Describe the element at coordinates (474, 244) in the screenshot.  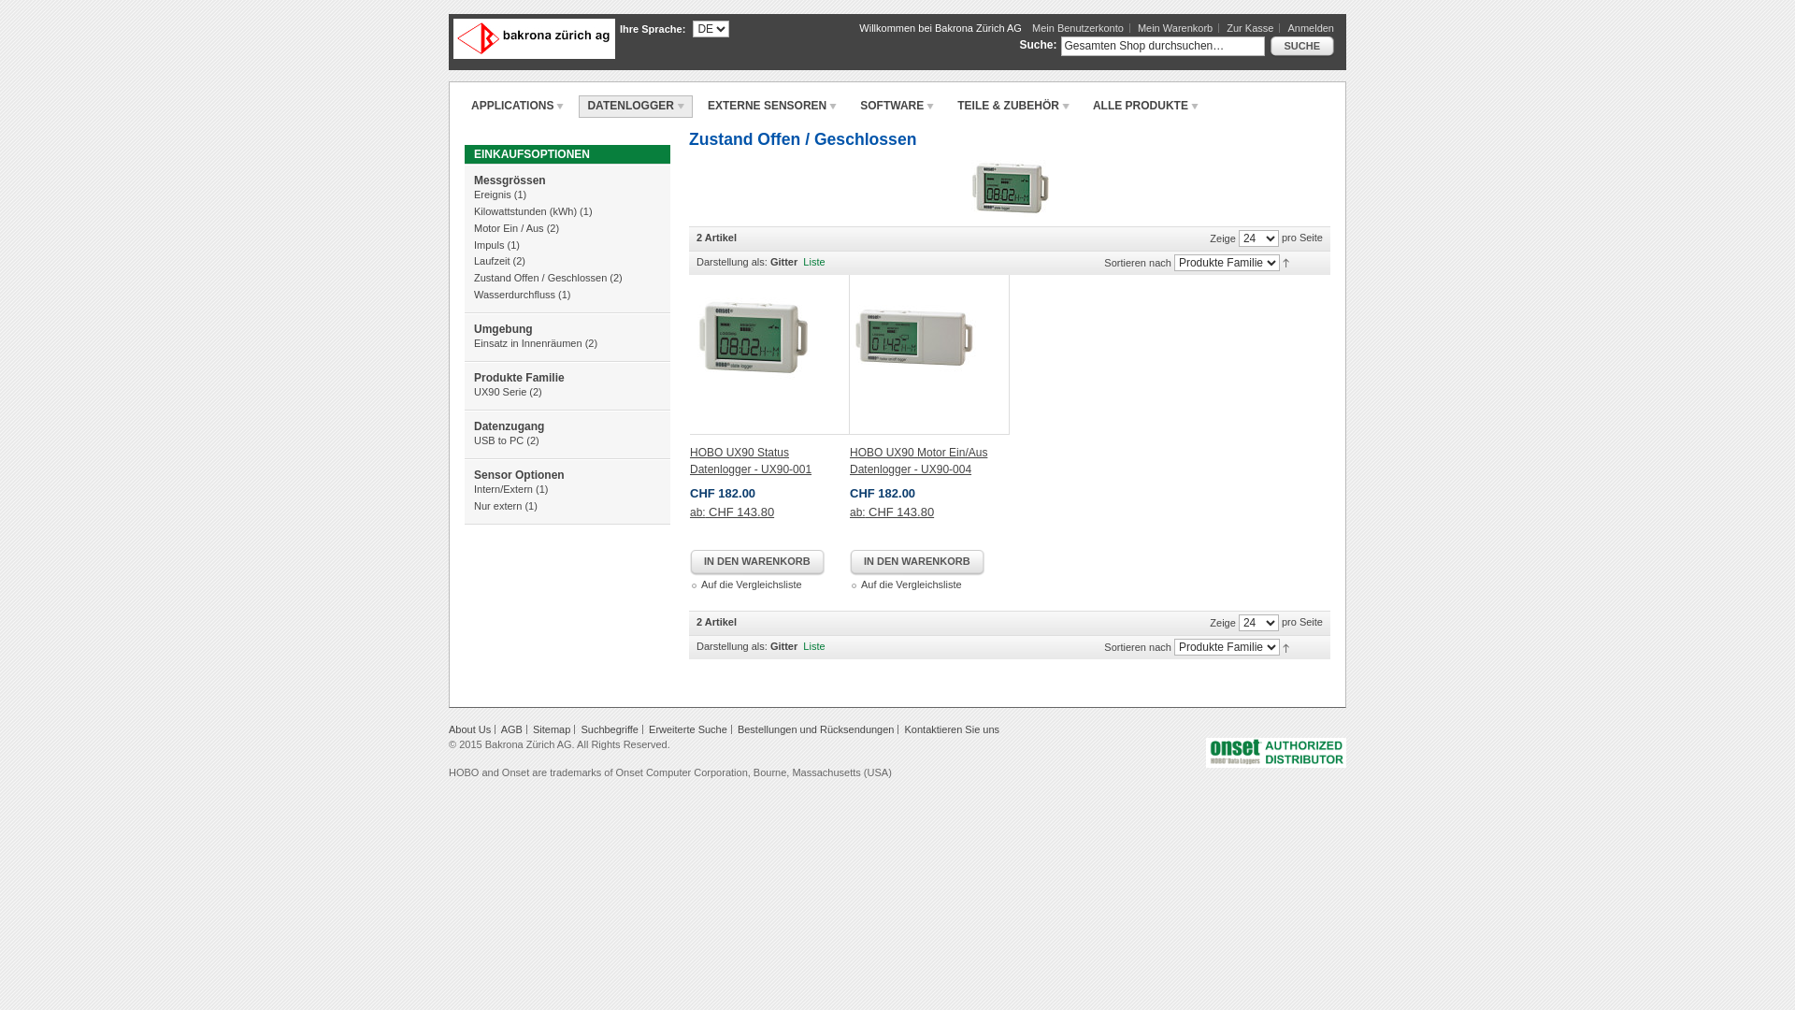
I see `'Impuls'` at that location.